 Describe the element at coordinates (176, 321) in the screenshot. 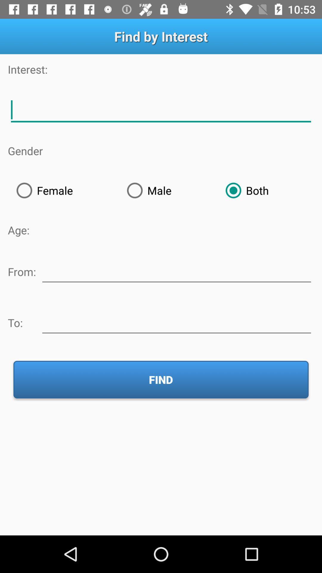

I see `recipient information` at that location.